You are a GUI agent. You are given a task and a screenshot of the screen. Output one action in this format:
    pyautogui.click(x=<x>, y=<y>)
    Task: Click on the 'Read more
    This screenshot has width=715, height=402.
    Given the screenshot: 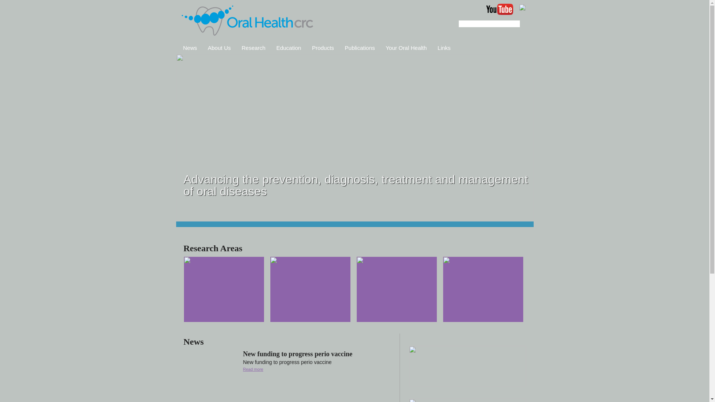 What is the action you would take?
    pyautogui.click(x=243, y=369)
    